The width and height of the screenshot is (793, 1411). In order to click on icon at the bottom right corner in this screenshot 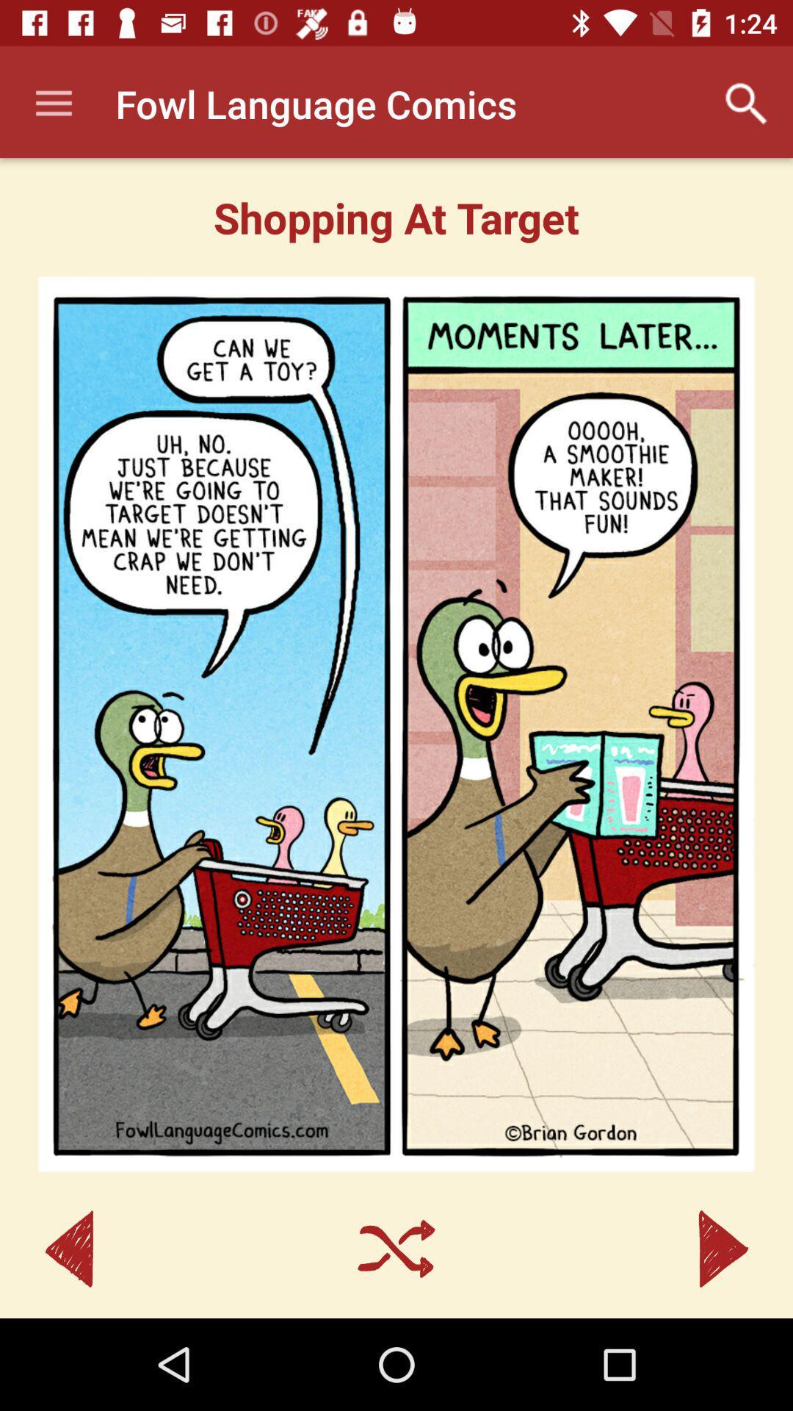, I will do `click(723, 1248)`.